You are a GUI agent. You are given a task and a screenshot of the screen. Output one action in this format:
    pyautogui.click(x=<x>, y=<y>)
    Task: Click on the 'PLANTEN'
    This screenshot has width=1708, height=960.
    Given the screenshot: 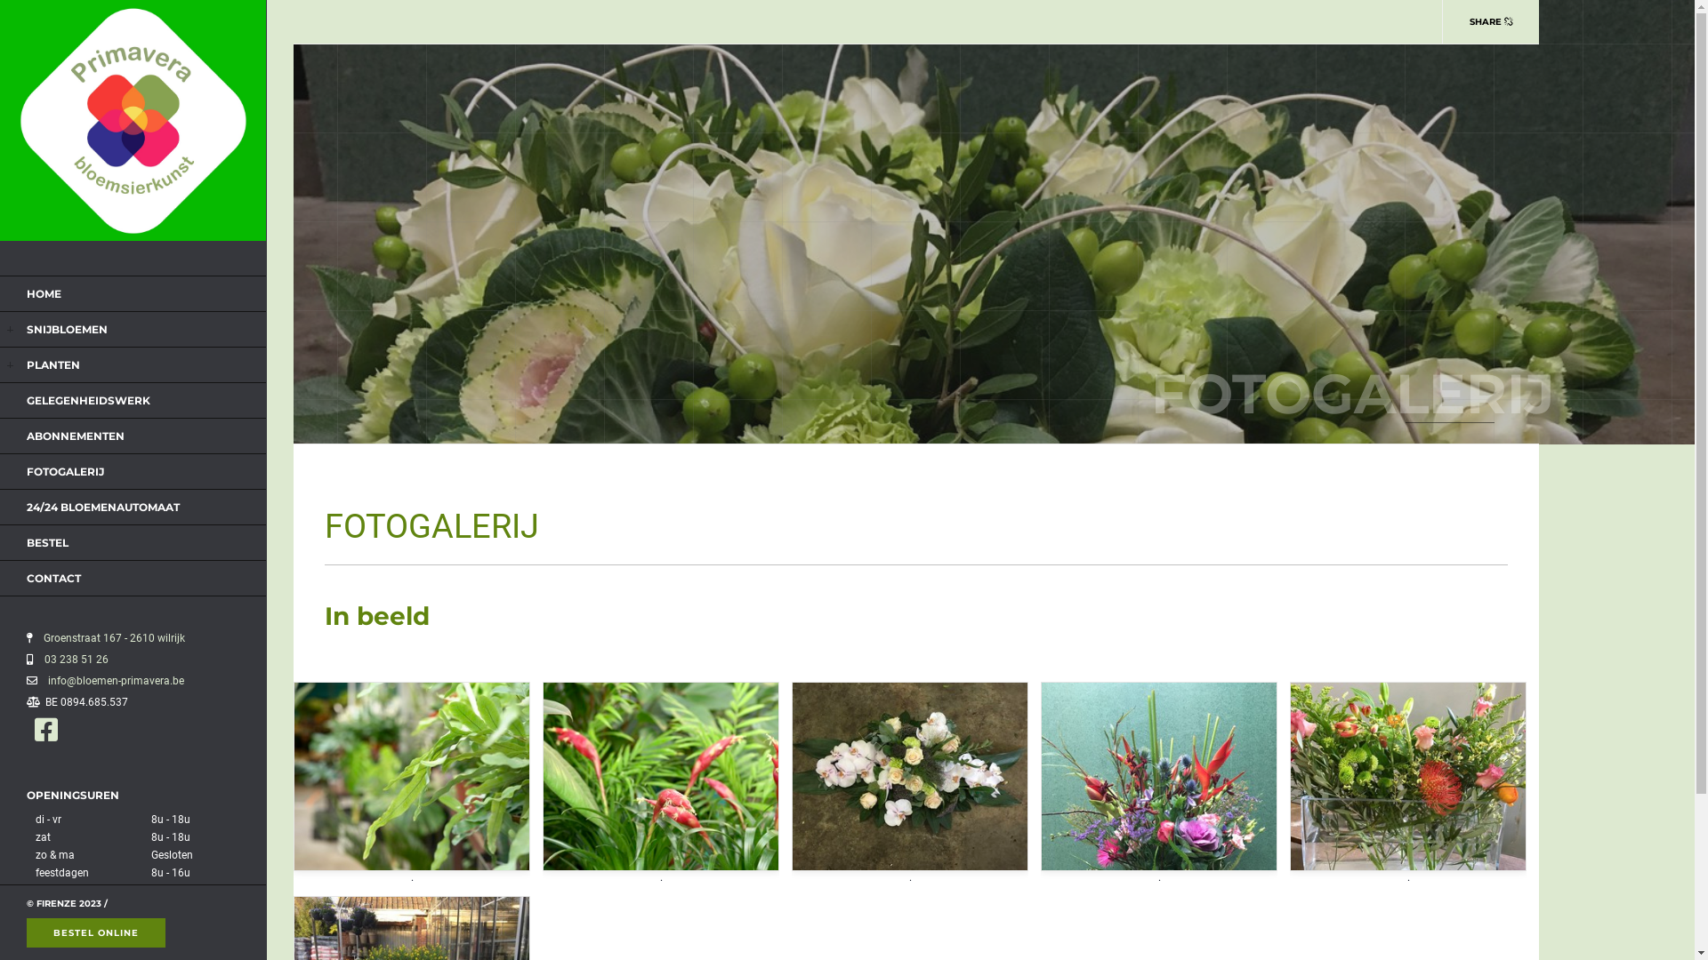 What is the action you would take?
    pyautogui.click(x=52, y=364)
    